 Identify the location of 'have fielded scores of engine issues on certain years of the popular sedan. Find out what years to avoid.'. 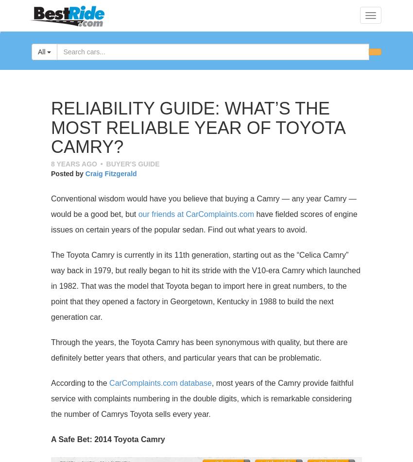
(204, 221).